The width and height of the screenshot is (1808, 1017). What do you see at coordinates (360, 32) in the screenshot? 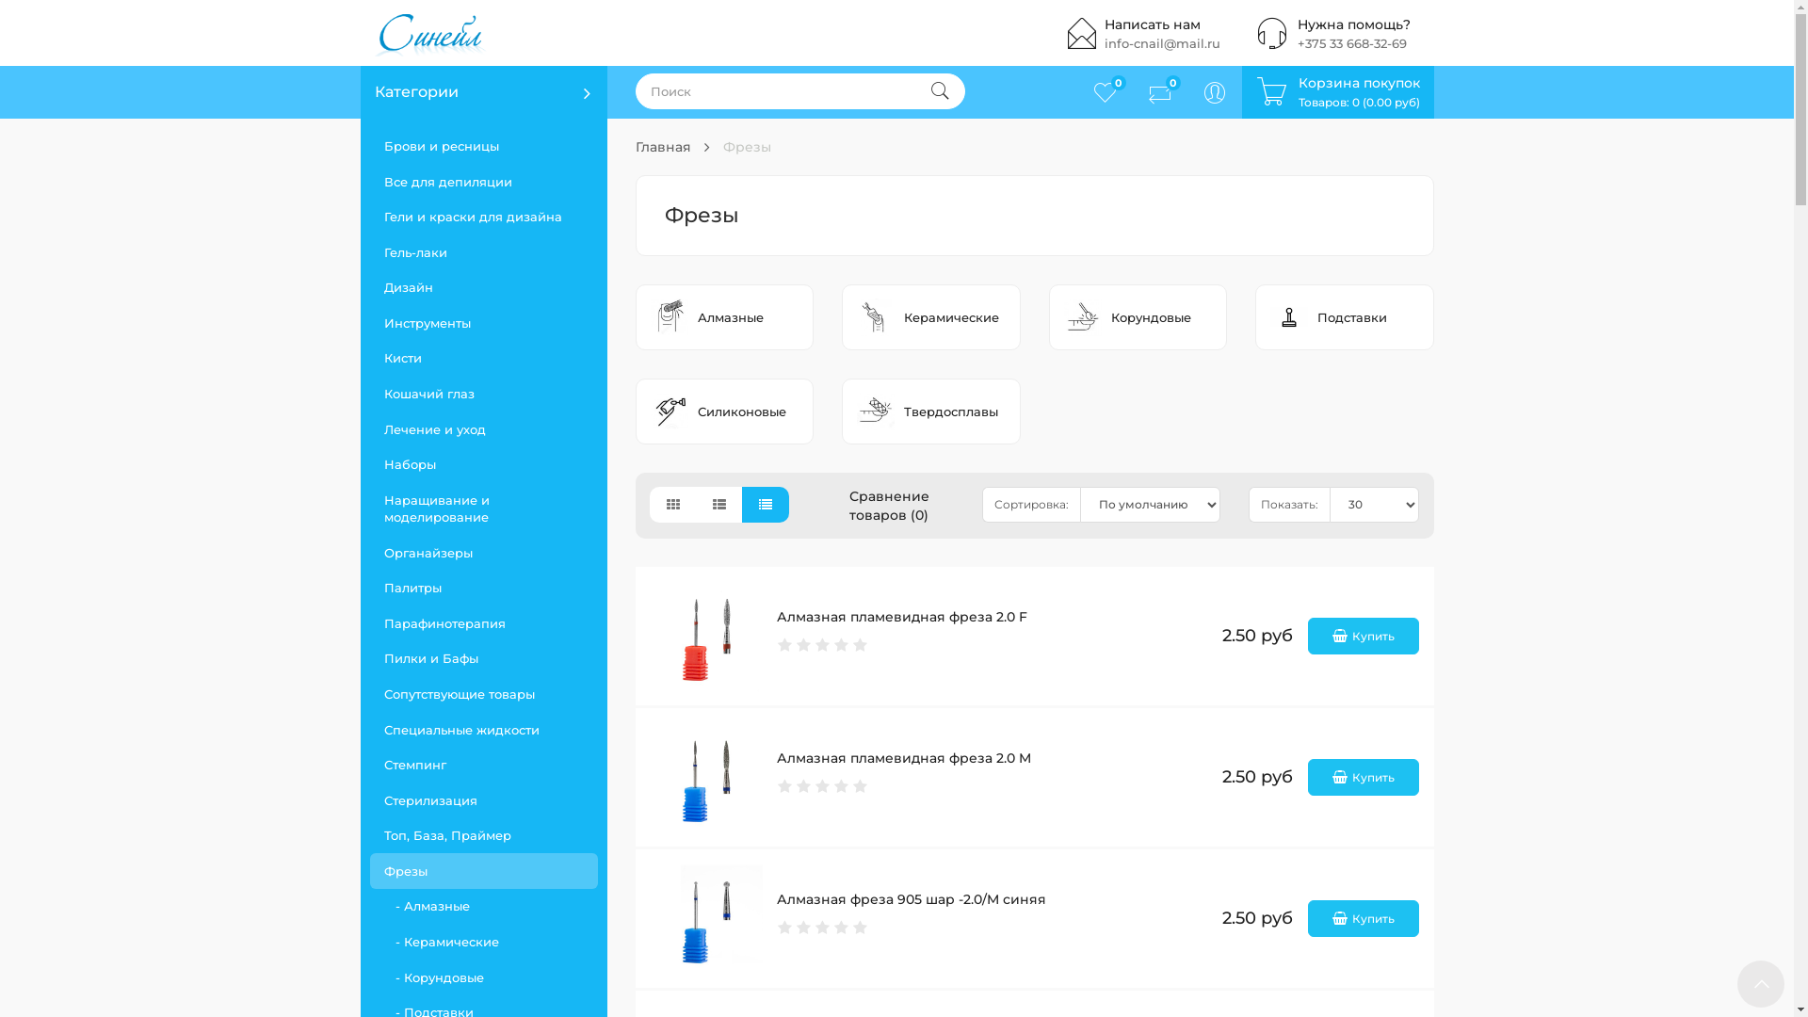
I see `'Cnail'` at bounding box center [360, 32].